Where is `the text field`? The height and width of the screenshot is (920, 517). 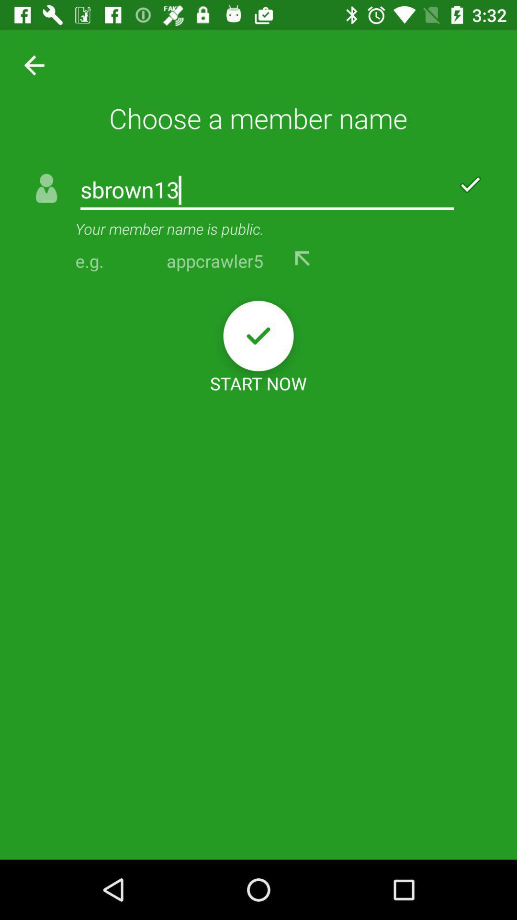 the text field is located at coordinates (267, 191).